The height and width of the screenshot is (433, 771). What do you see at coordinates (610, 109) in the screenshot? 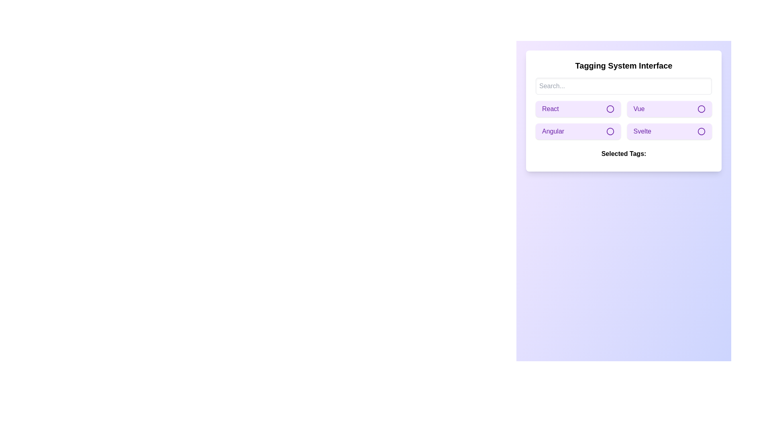
I see `the filled circle radio button indicator` at bounding box center [610, 109].